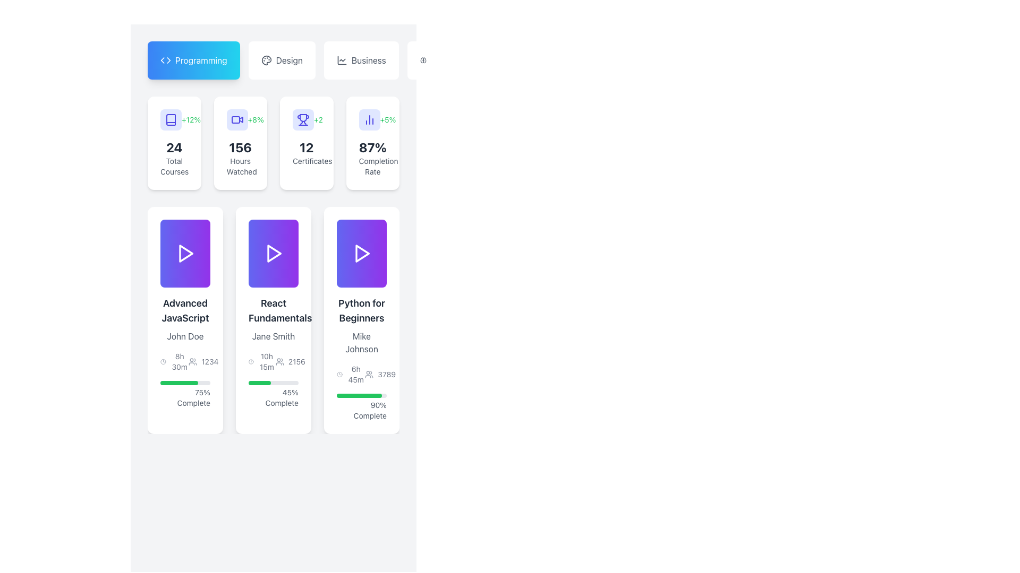 The image size is (1020, 573). What do you see at coordinates (174, 147) in the screenshot?
I see `the static text element that displays the total count of courses, which is centrally aligned below the percentage indicator and above the label 'Total Courses'` at bounding box center [174, 147].